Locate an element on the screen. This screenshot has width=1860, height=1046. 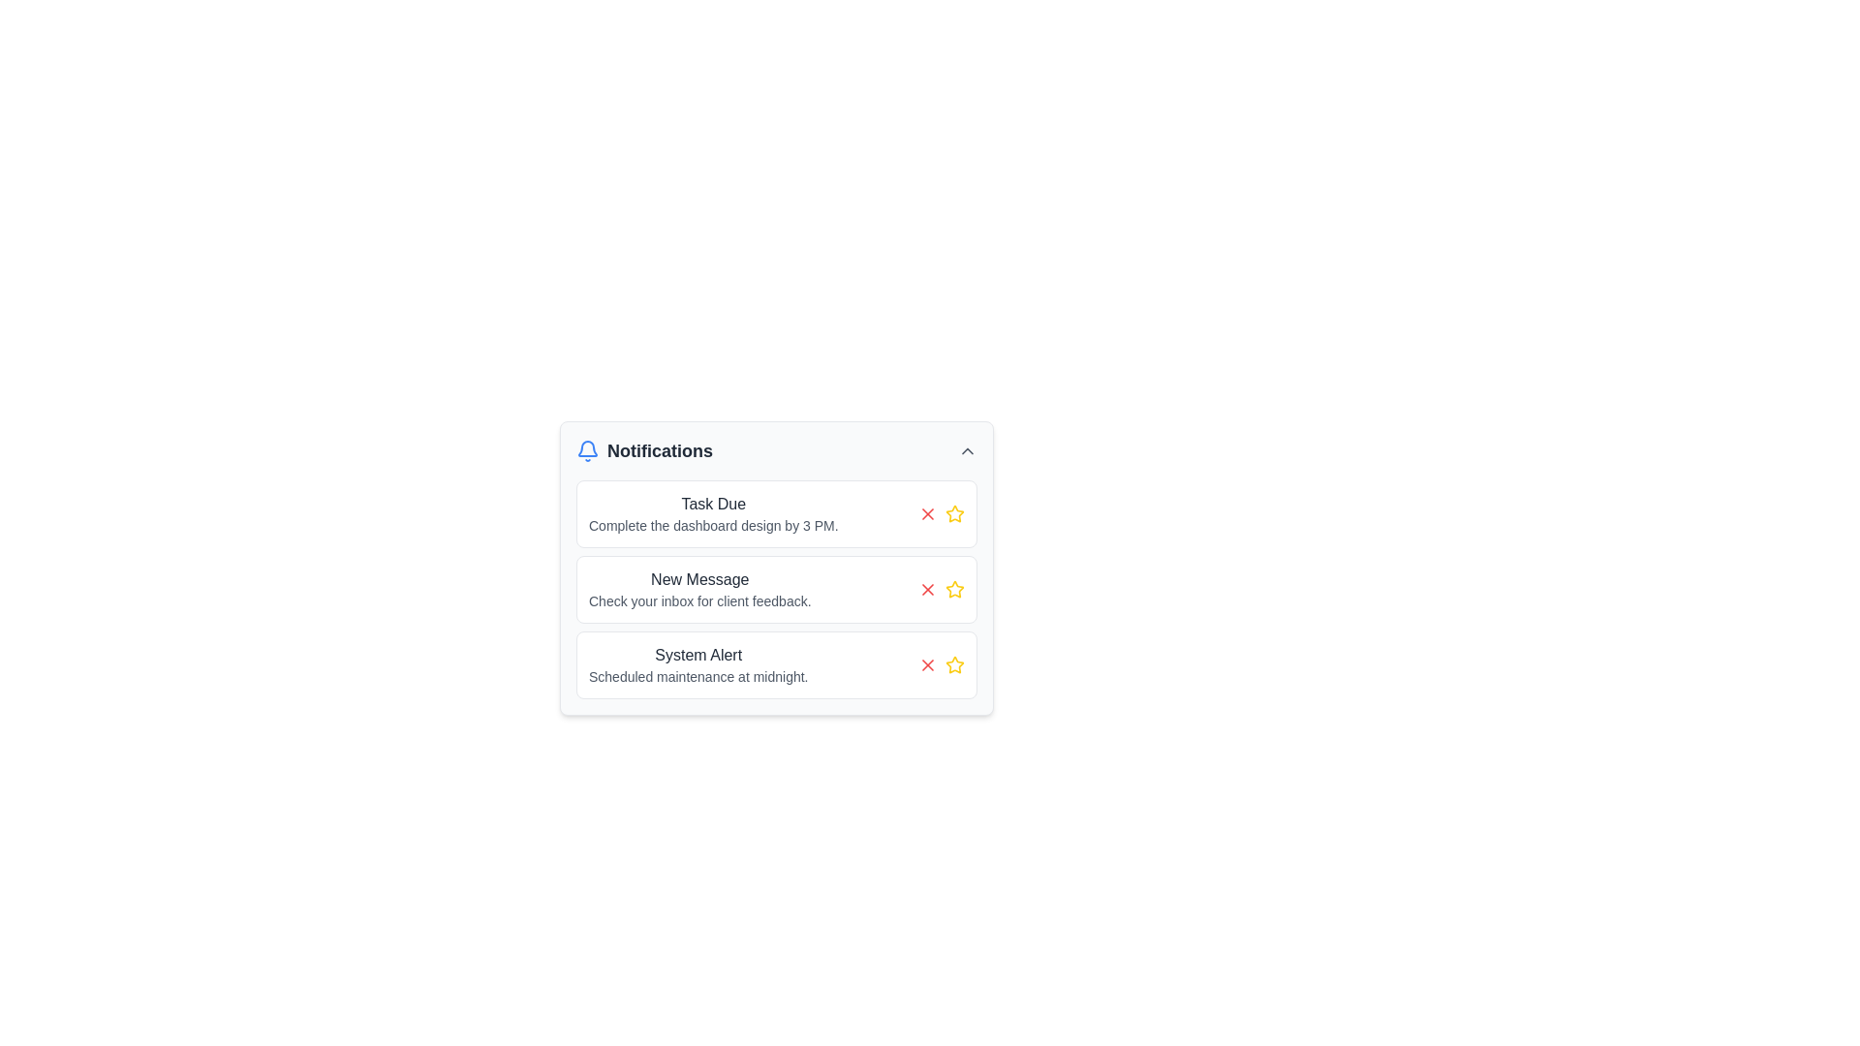
the last star icon in the notifications list is located at coordinates (954, 663).